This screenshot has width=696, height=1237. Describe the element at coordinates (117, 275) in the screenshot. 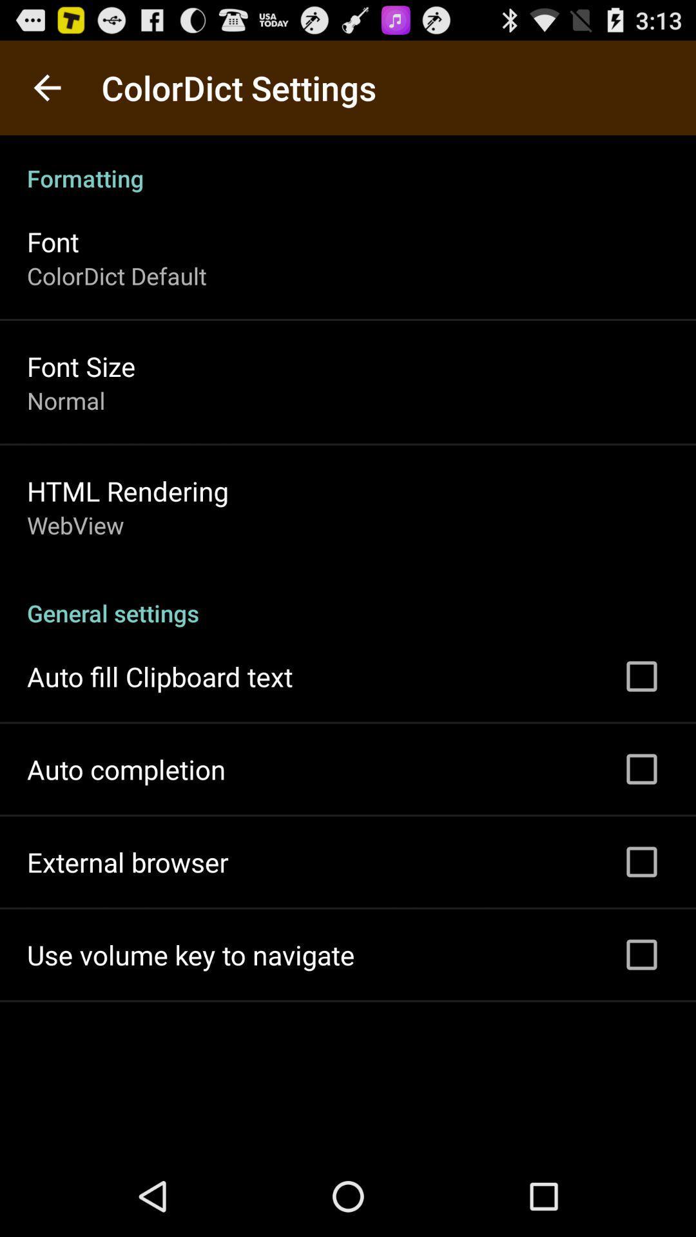

I see `the item above the font size` at that location.